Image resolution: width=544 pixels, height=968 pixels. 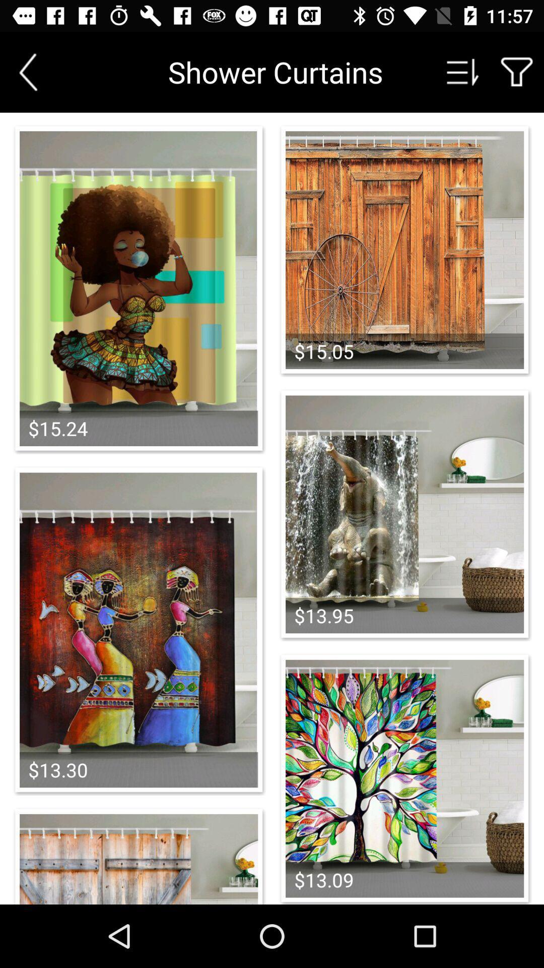 I want to click on open menu, so click(x=463, y=72).